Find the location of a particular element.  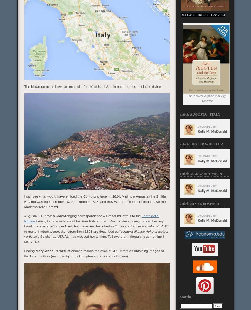

'The blown-up map shows an exquisite “hook” of land. And in photographs… it looks divine:' is located at coordinates (24, 86).